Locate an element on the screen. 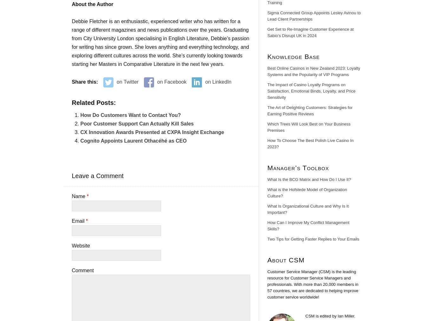 The width and height of the screenshot is (433, 321). 'Leave a Comment' is located at coordinates (97, 176).